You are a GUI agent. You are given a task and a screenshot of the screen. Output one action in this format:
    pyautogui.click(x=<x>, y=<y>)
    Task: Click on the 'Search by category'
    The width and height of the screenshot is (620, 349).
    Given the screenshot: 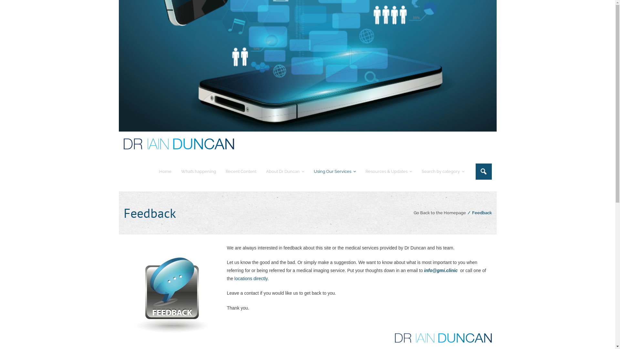 What is the action you would take?
    pyautogui.click(x=442, y=171)
    